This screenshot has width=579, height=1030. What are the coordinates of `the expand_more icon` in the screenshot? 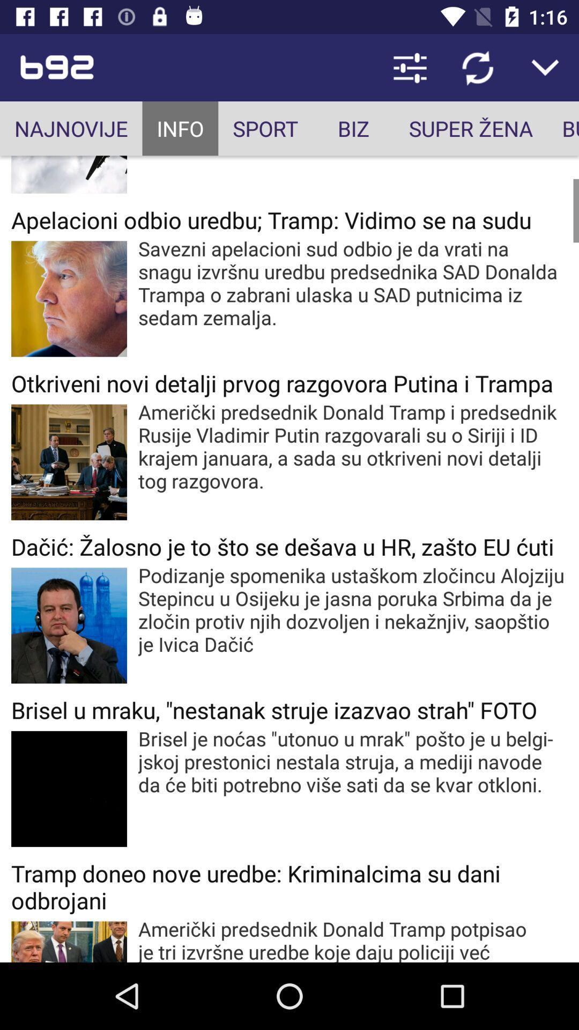 It's located at (545, 67).